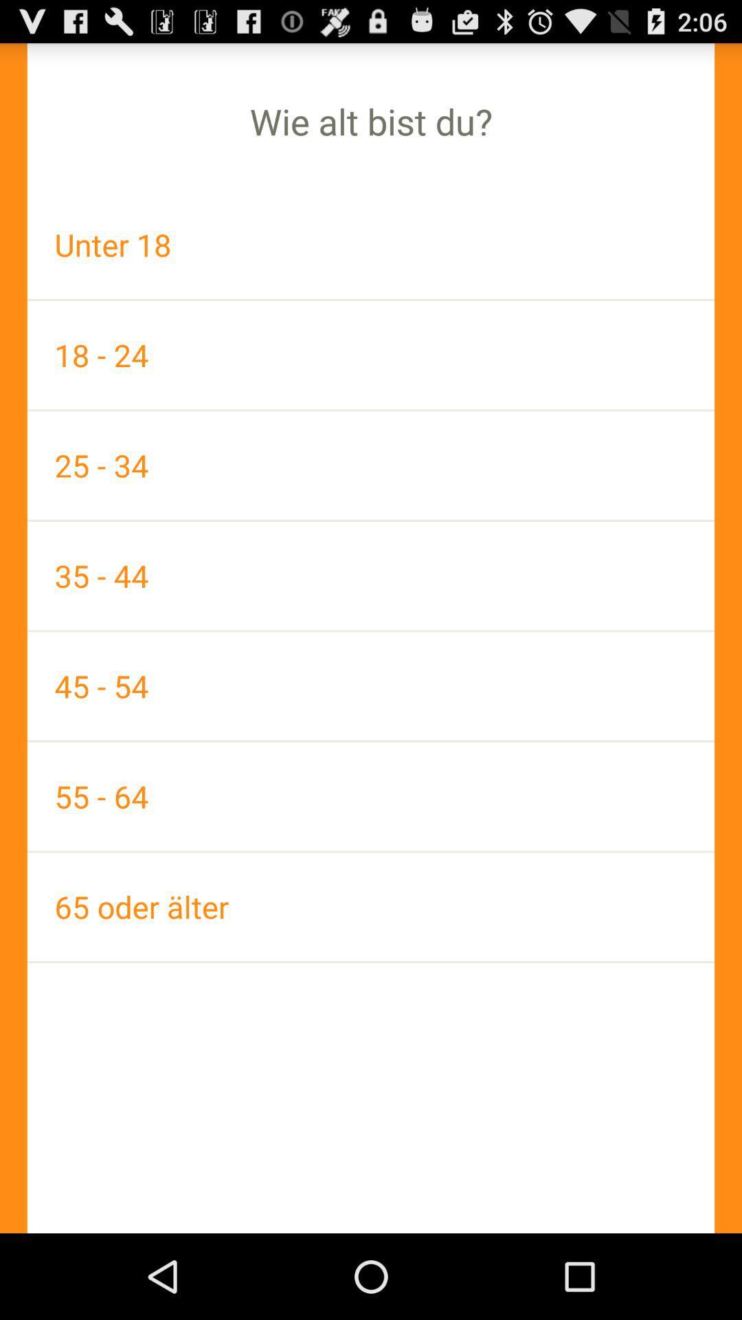  What do you see at coordinates (371, 355) in the screenshot?
I see `item below the unter 18` at bounding box center [371, 355].